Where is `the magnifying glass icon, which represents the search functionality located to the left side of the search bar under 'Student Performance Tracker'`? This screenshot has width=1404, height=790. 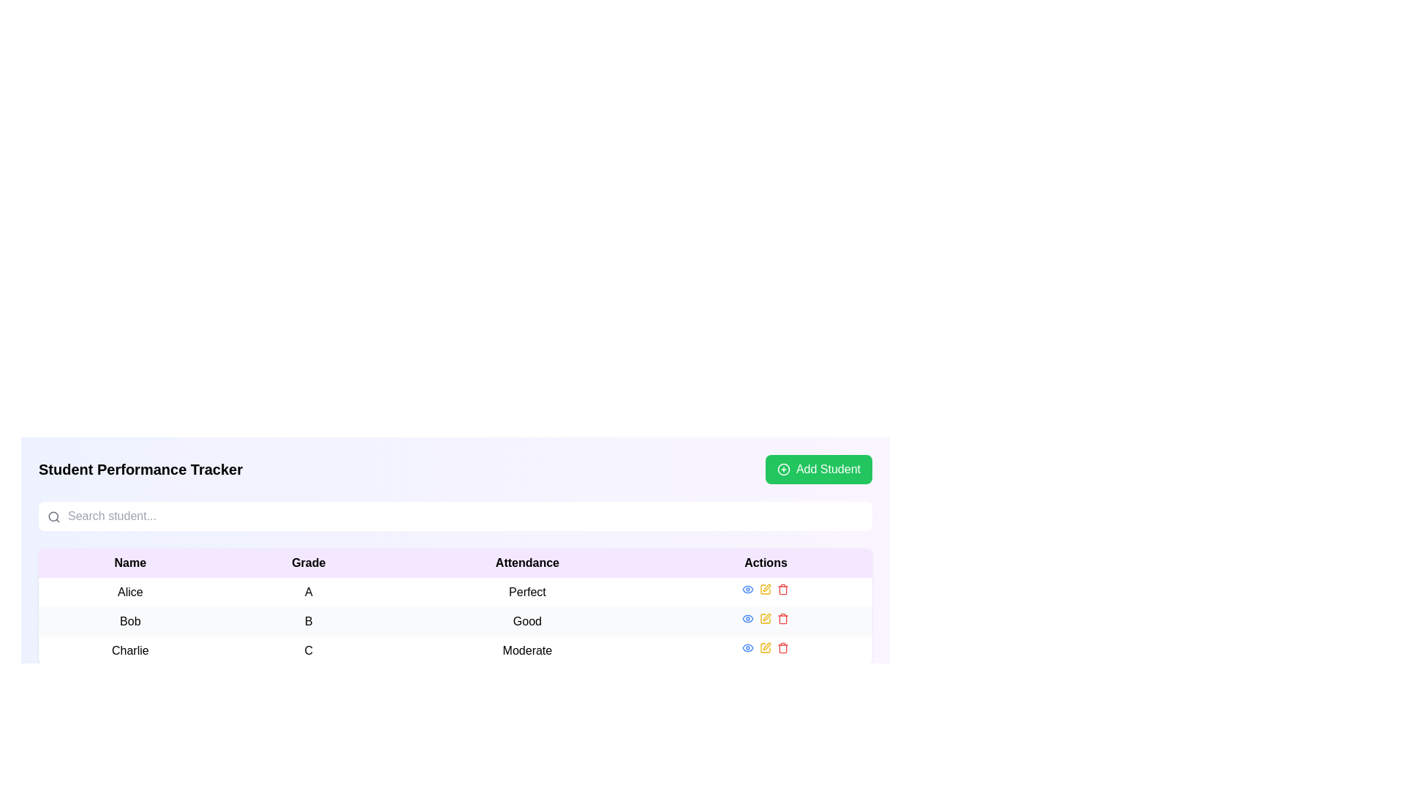
the magnifying glass icon, which represents the search functionality located to the left side of the search bar under 'Student Performance Tracker' is located at coordinates (53, 516).